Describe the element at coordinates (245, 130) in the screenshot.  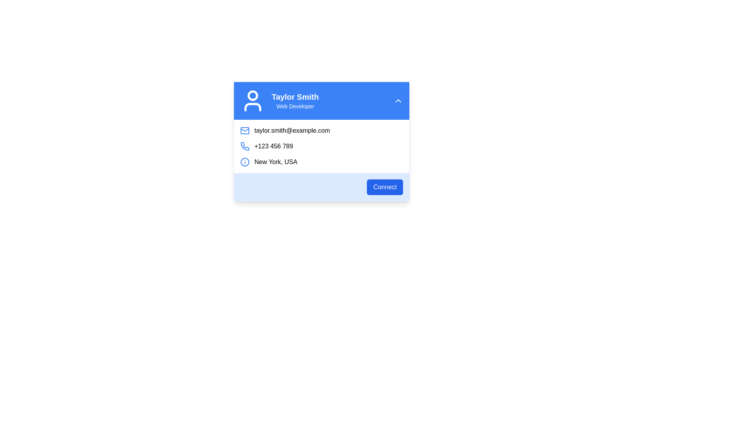
I see `the email icon located to the left of the email address 'taylor.smith@example.com', which serves as a visual indicator for email functionality` at that location.